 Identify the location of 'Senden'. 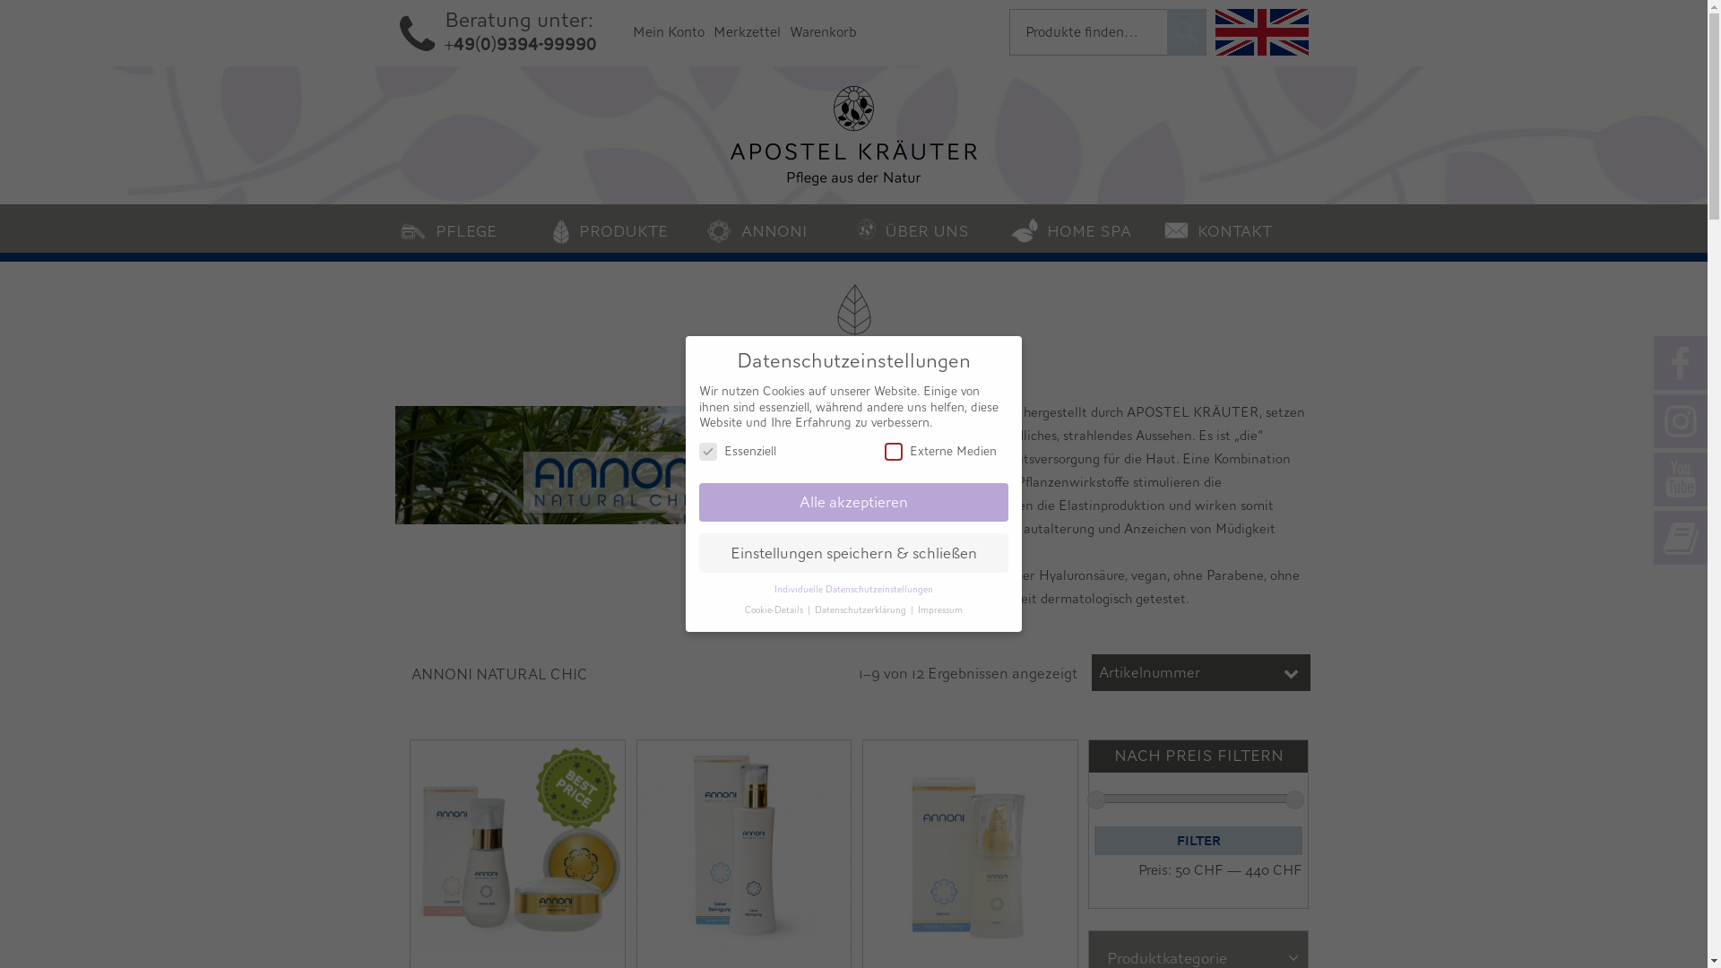
(1187, 31).